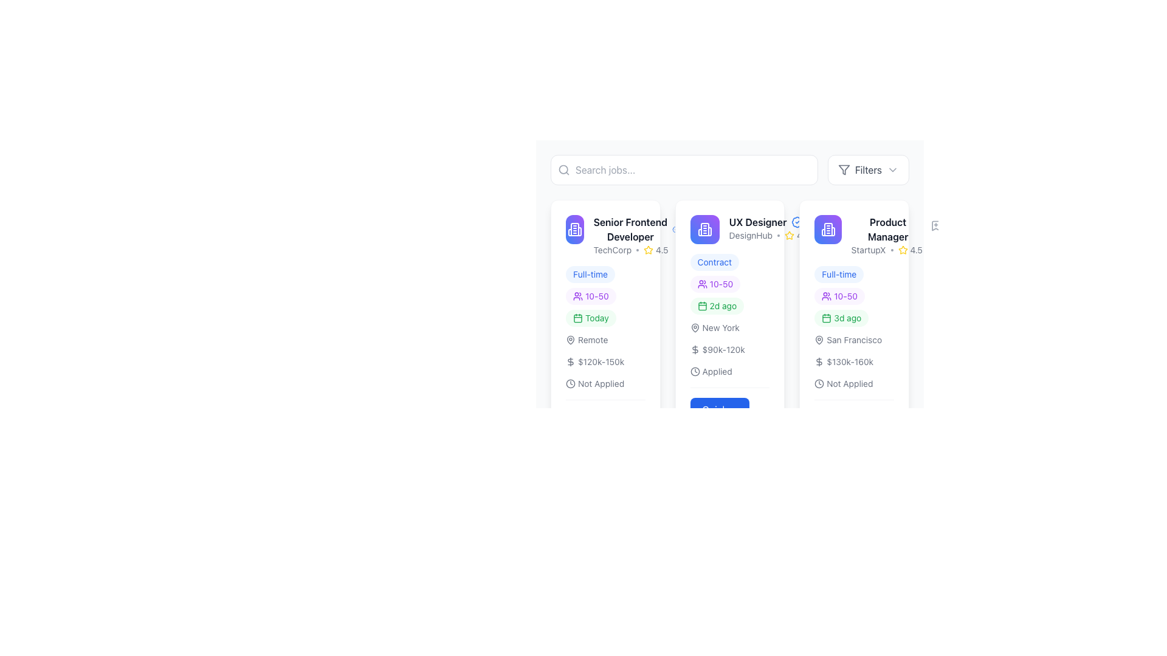 Image resolution: width=1167 pixels, height=656 pixels. Describe the element at coordinates (820, 225) in the screenshot. I see `the gray bookmark icon button with a plus sign located at the top-right corner of the card below 'Product Manager' and 'StartupX'` at that location.